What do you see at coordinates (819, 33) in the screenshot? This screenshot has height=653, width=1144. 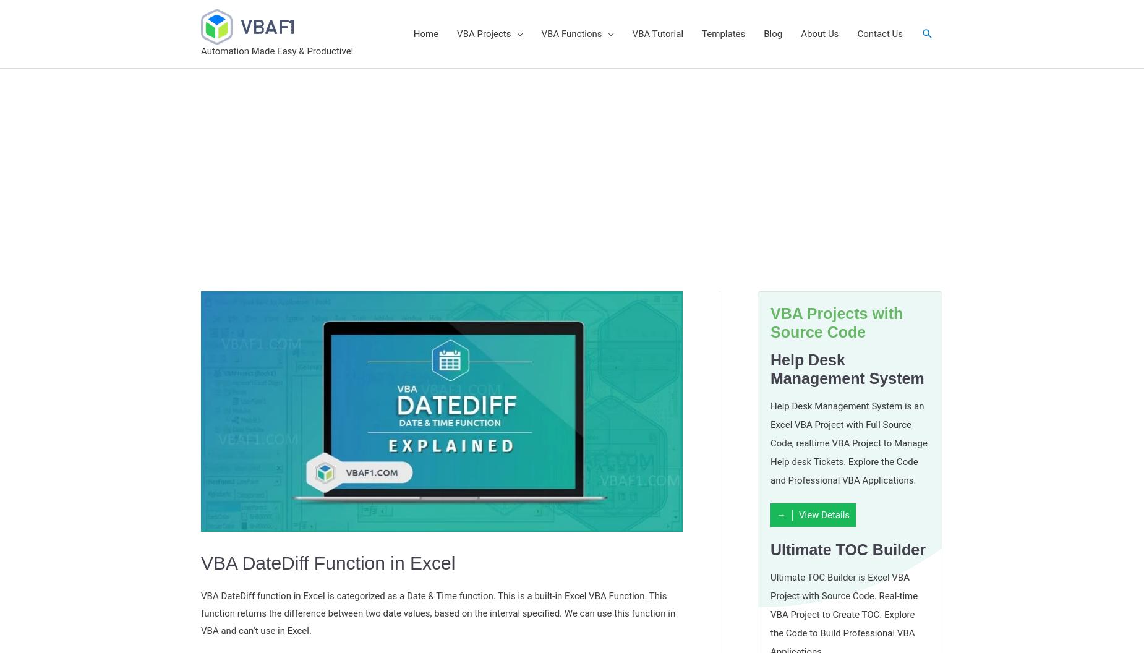 I see `'About Us'` at bounding box center [819, 33].